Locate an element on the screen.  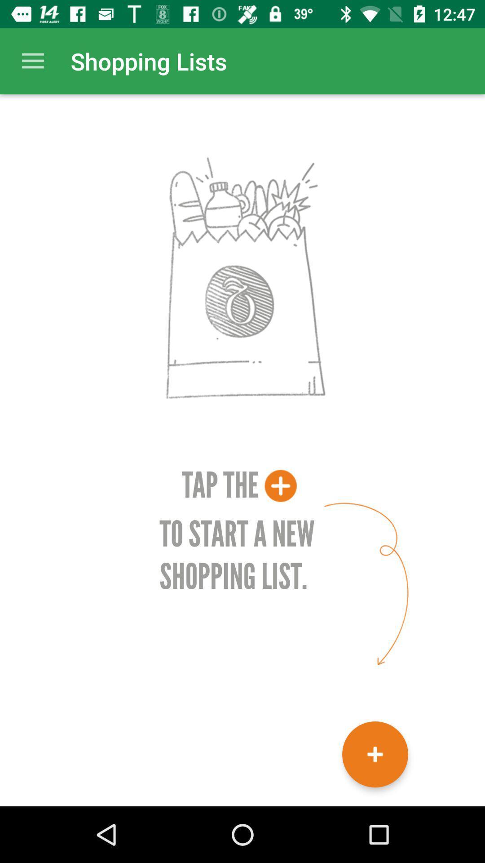
start a new shopping list is located at coordinates (375, 754).